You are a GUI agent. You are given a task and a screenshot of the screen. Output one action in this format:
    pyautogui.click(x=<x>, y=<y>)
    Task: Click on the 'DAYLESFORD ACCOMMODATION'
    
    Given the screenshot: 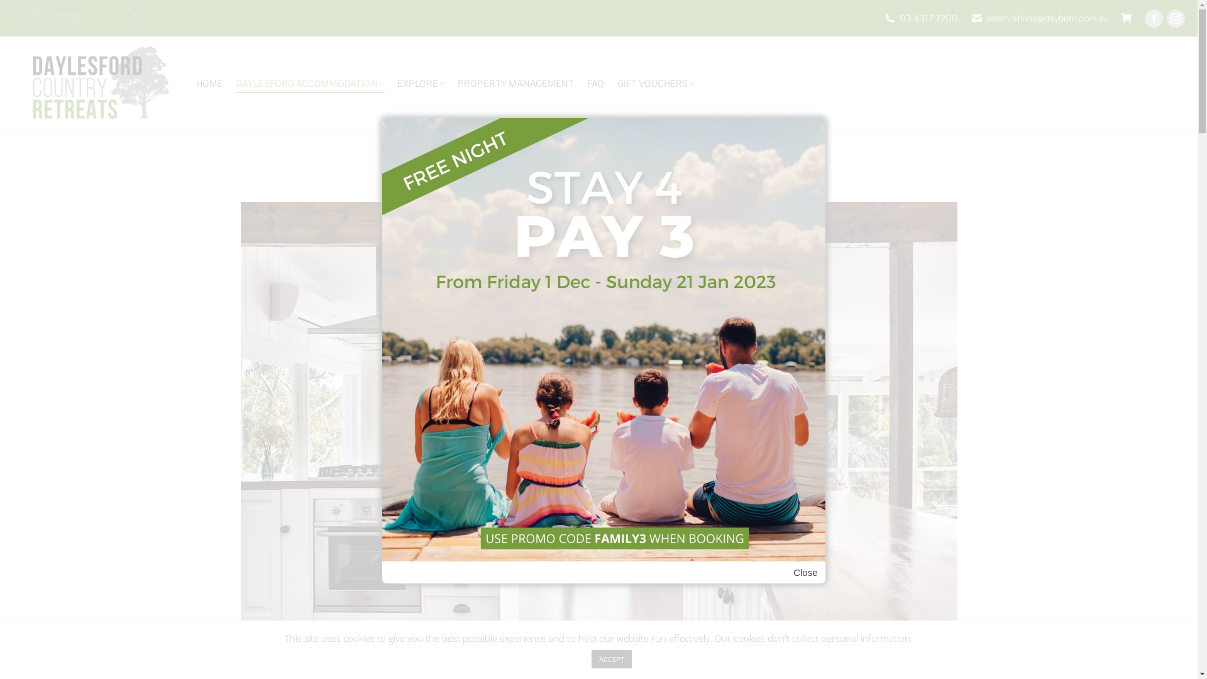 What is the action you would take?
    pyautogui.click(x=234, y=83)
    